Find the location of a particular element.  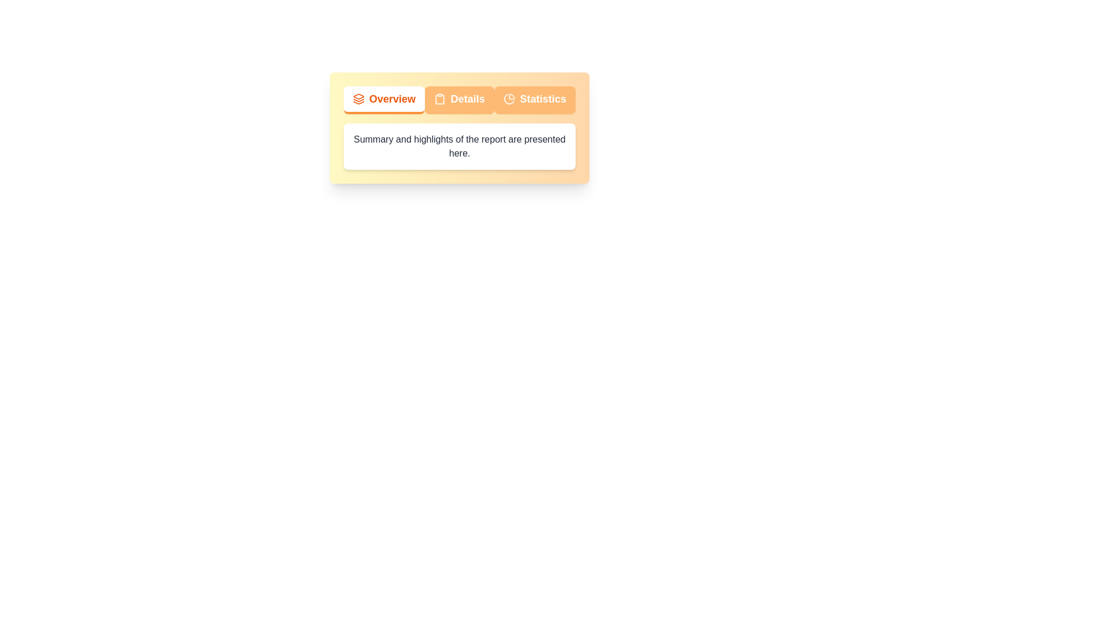

the clipboard icon located in the 'Details' section header within the second tab of the horizontal navigation menu is located at coordinates (439, 99).